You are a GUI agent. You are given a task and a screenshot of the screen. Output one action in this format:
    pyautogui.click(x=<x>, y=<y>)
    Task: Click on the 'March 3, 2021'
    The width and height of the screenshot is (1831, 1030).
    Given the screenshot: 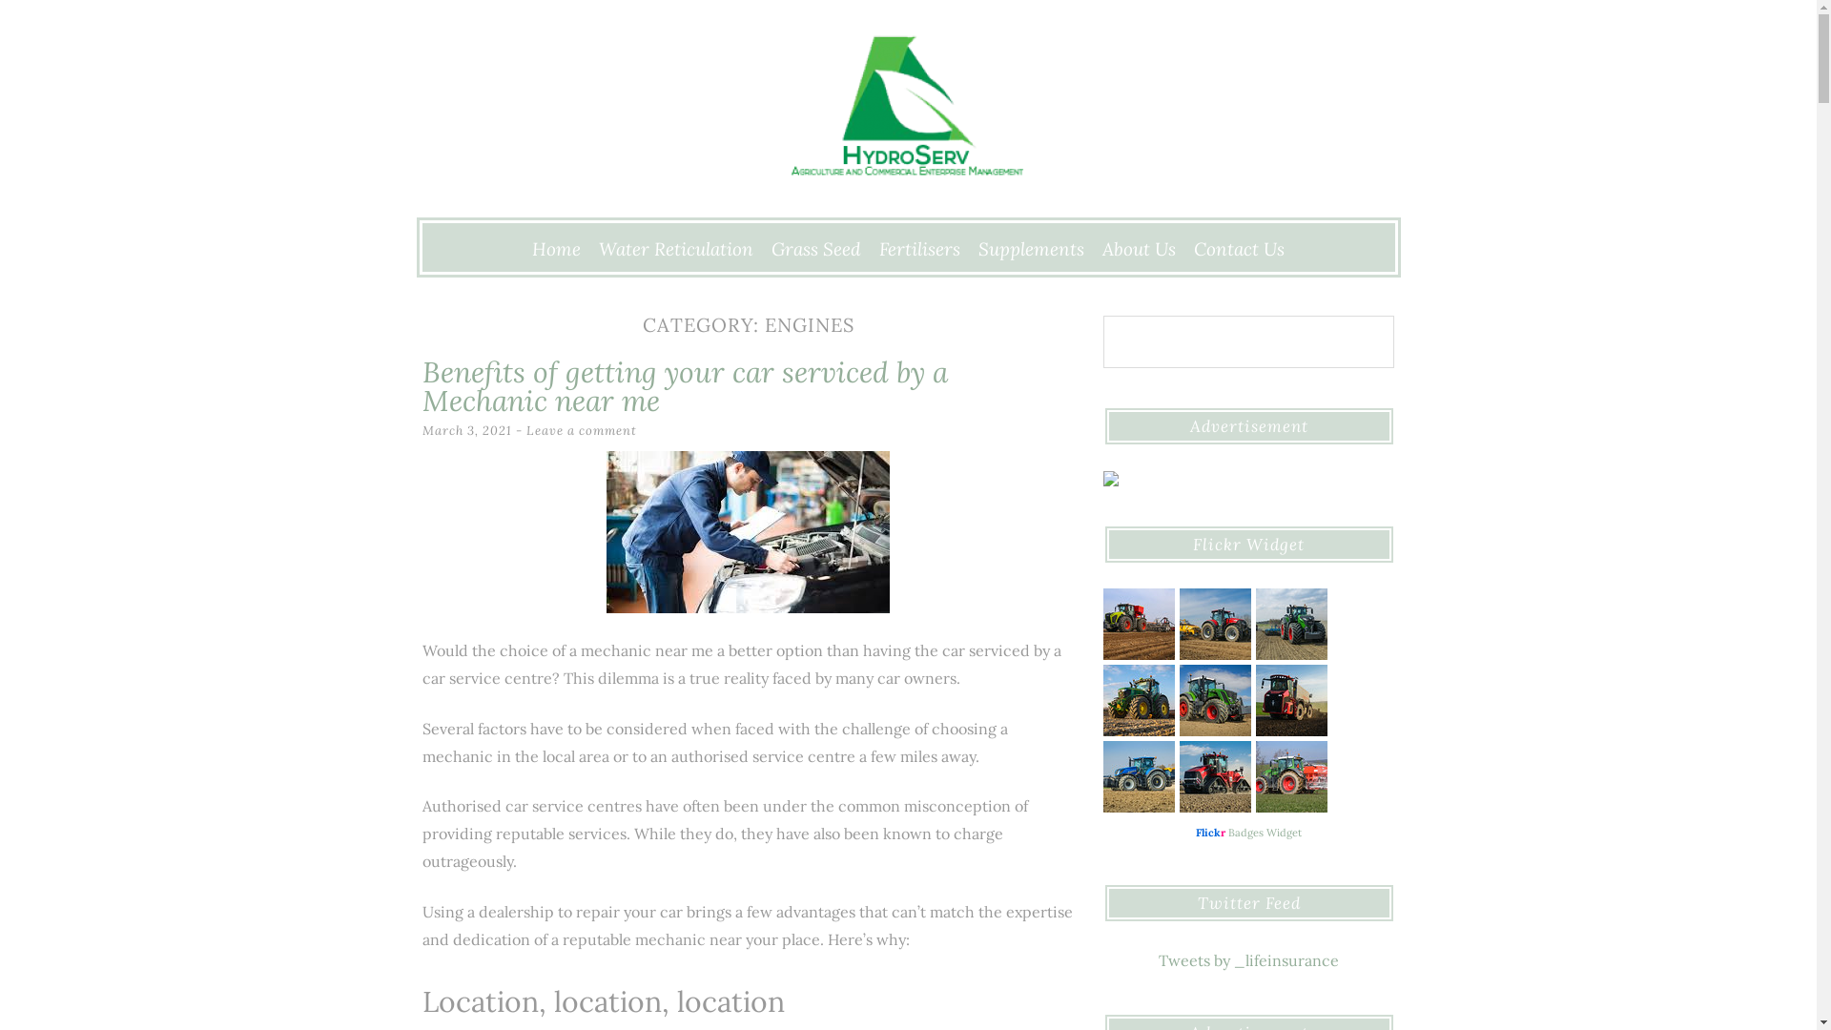 What is the action you would take?
    pyautogui.click(x=466, y=430)
    